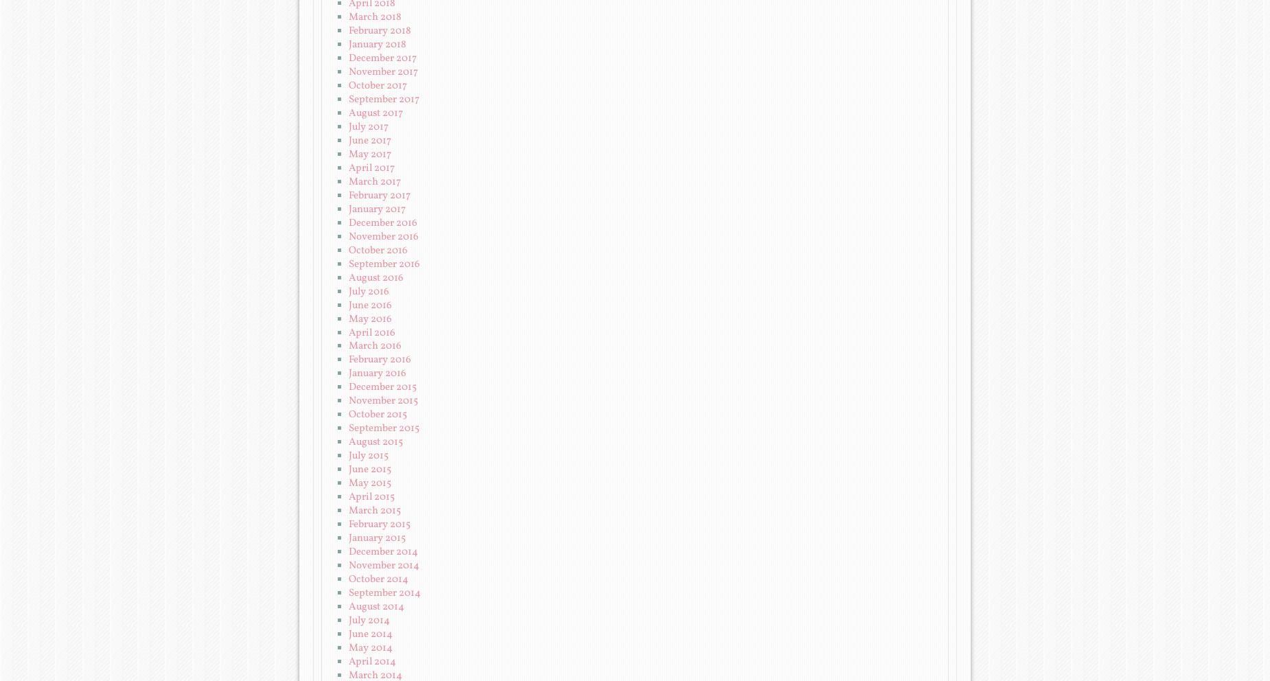  Describe the element at coordinates (382, 57) in the screenshot. I see `'December 2017'` at that location.